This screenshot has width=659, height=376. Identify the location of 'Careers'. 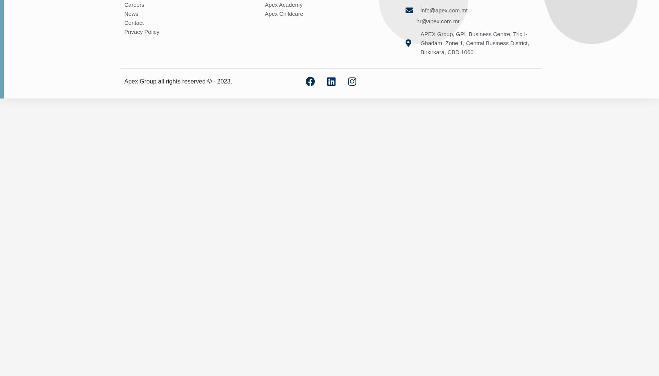
(134, 4).